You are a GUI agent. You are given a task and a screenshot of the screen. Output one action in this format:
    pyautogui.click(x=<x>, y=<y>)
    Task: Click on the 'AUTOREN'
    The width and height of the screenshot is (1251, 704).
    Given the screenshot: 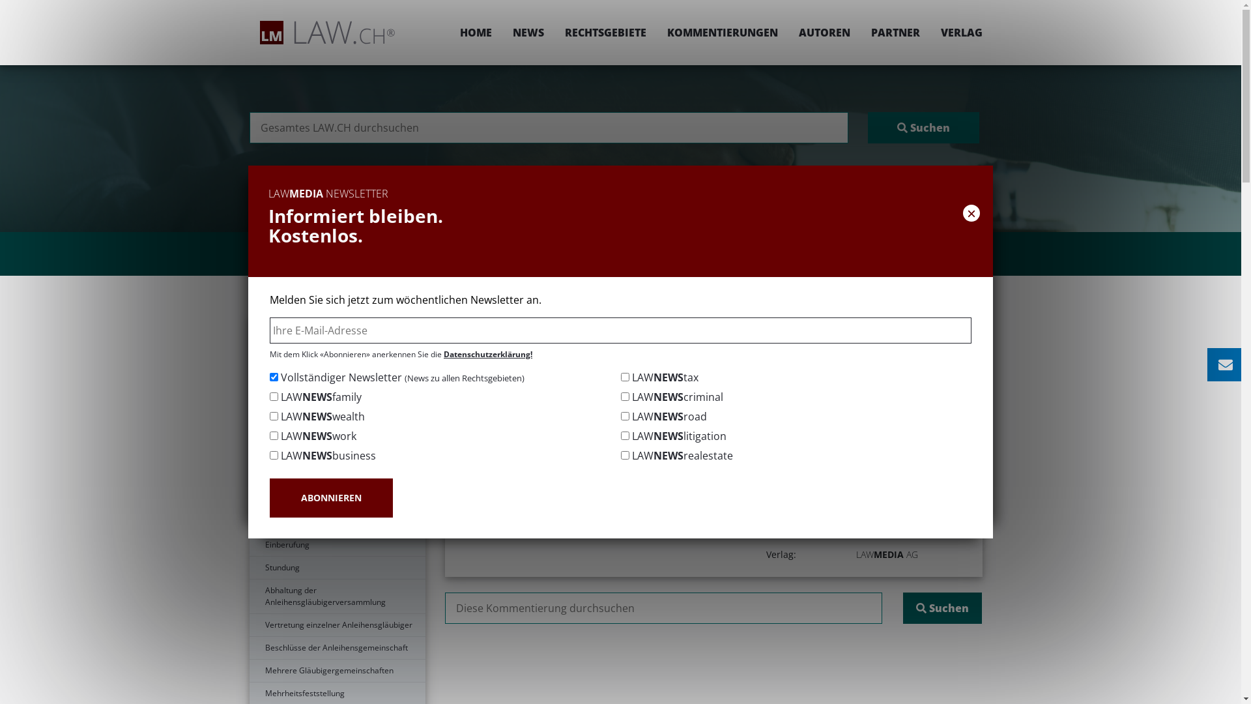 What is the action you would take?
    pyautogui.click(x=824, y=32)
    